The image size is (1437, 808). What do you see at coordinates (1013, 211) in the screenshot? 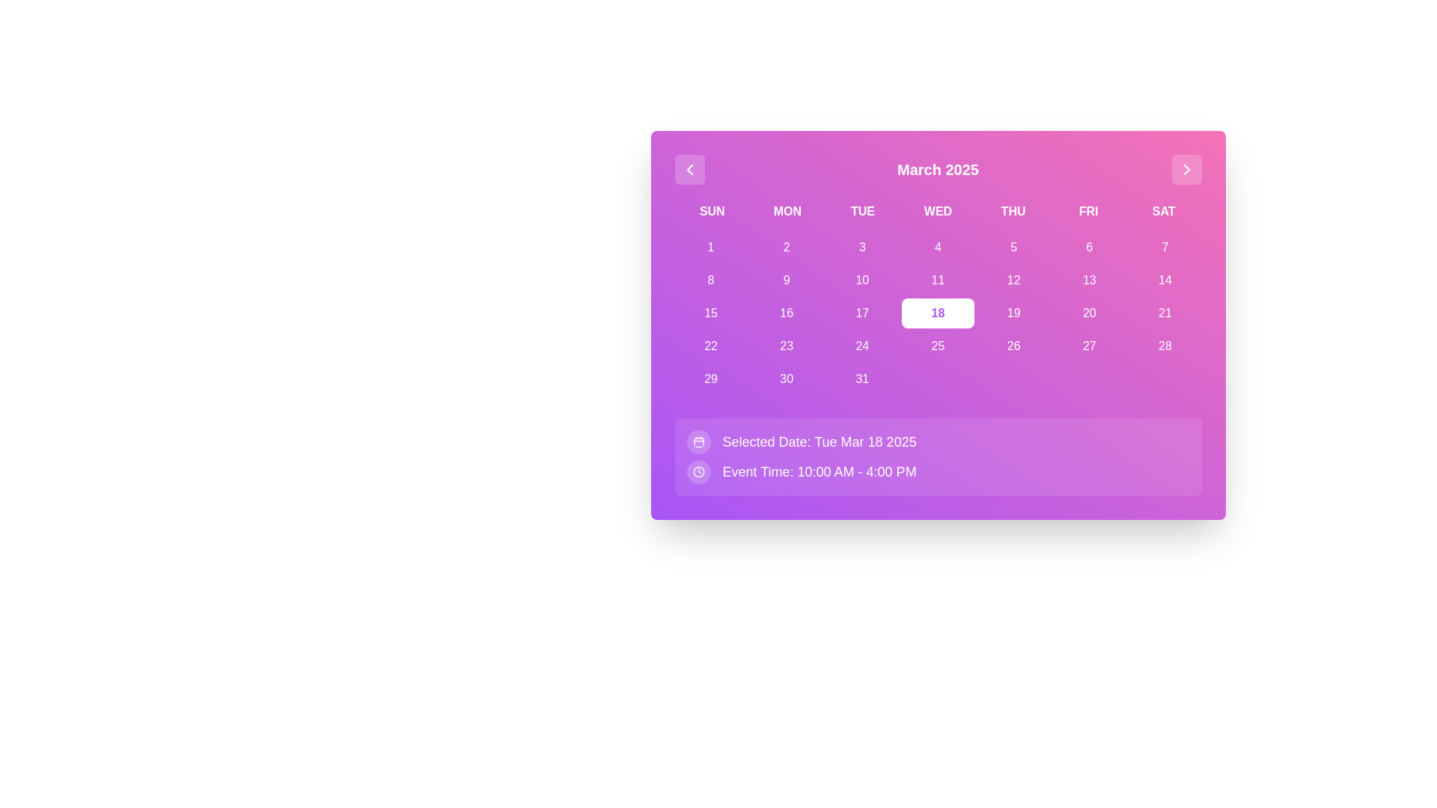
I see `the static text label displaying 'Thu', which is bold and uppercase, part of the days of the week sequence above the calendar grid` at bounding box center [1013, 211].